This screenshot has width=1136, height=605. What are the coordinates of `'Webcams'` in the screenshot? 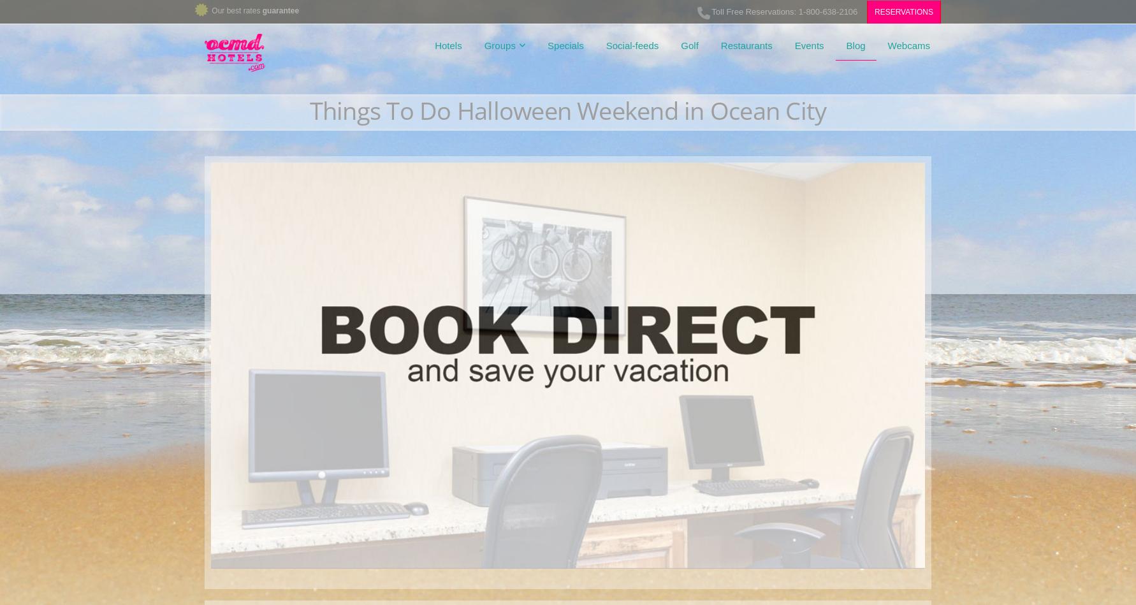 It's located at (908, 45).